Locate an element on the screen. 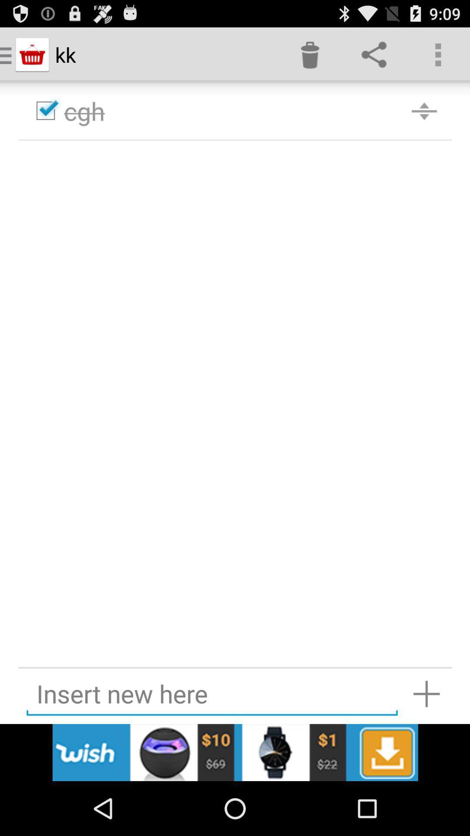 Image resolution: width=470 pixels, height=836 pixels. insert new item is located at coordinates (426, 693).